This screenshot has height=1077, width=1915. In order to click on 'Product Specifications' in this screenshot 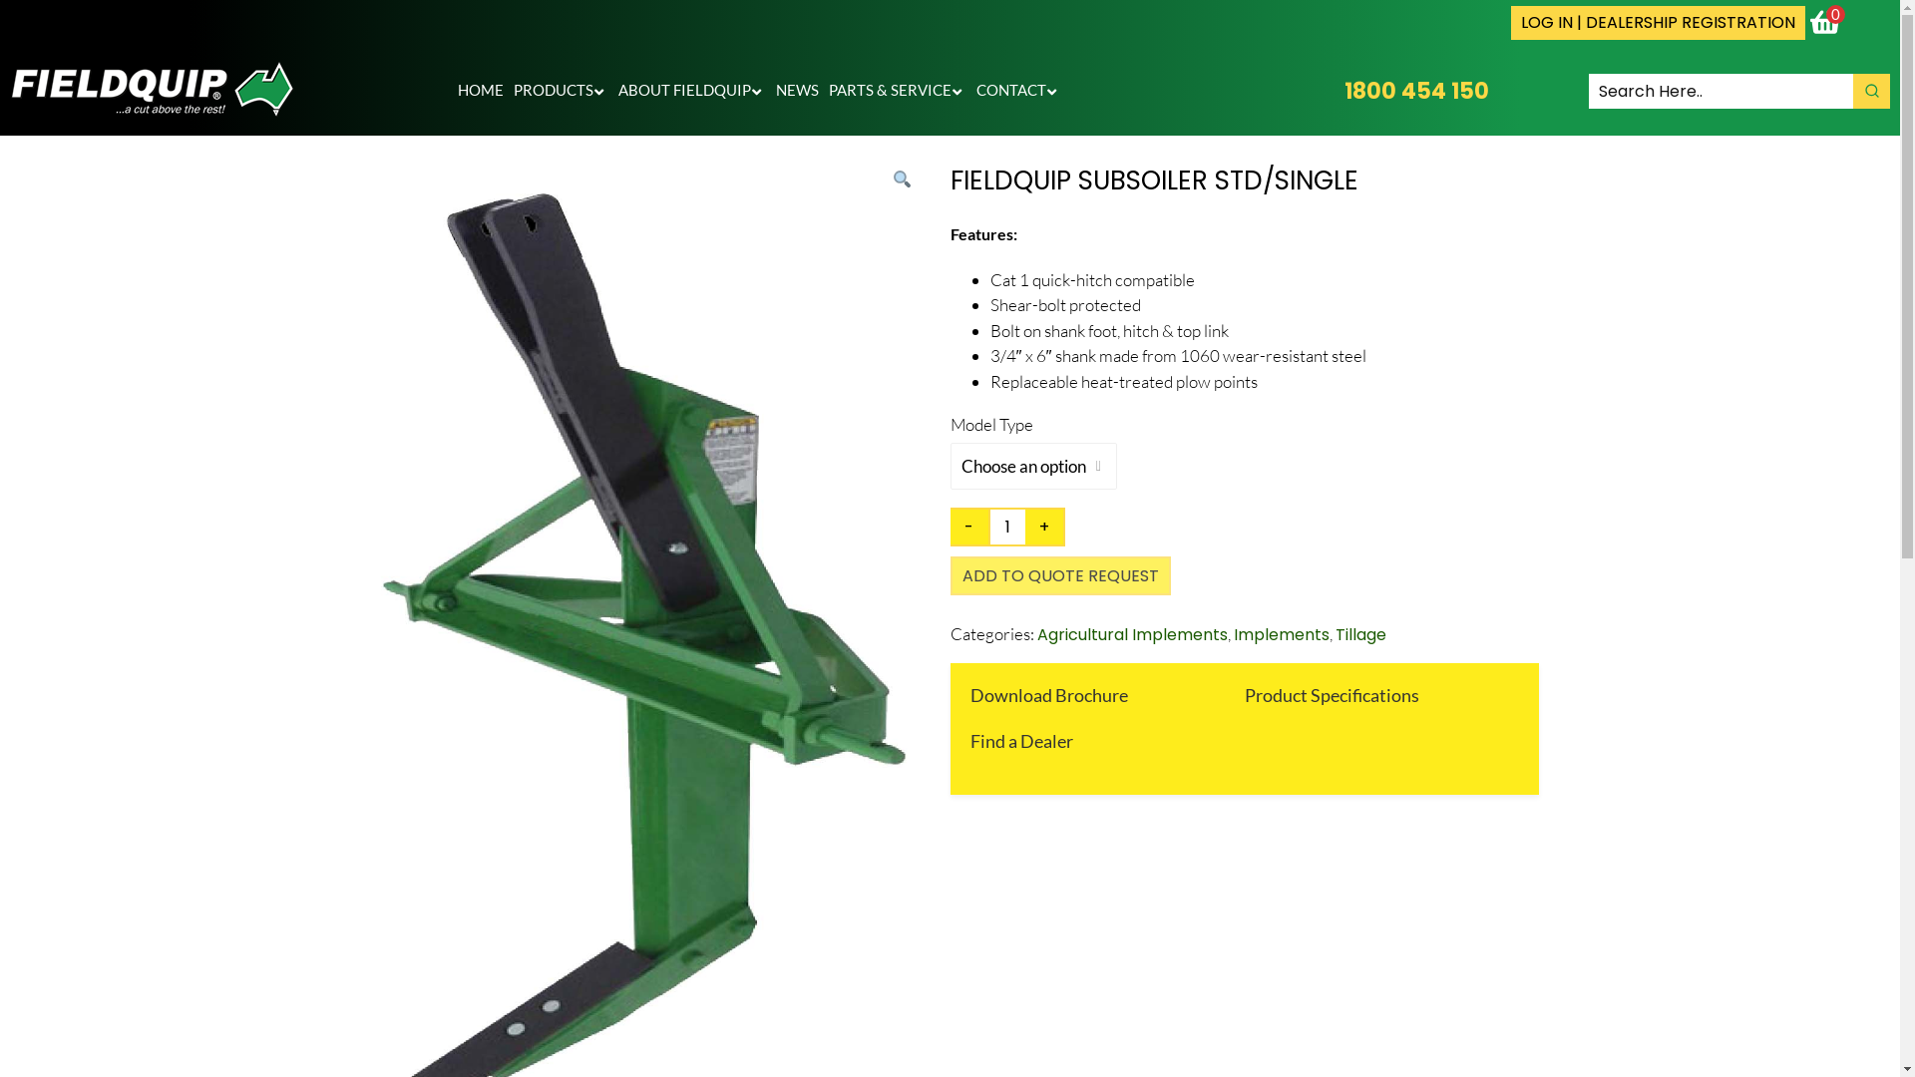, I will do `click(1332, 694)`.